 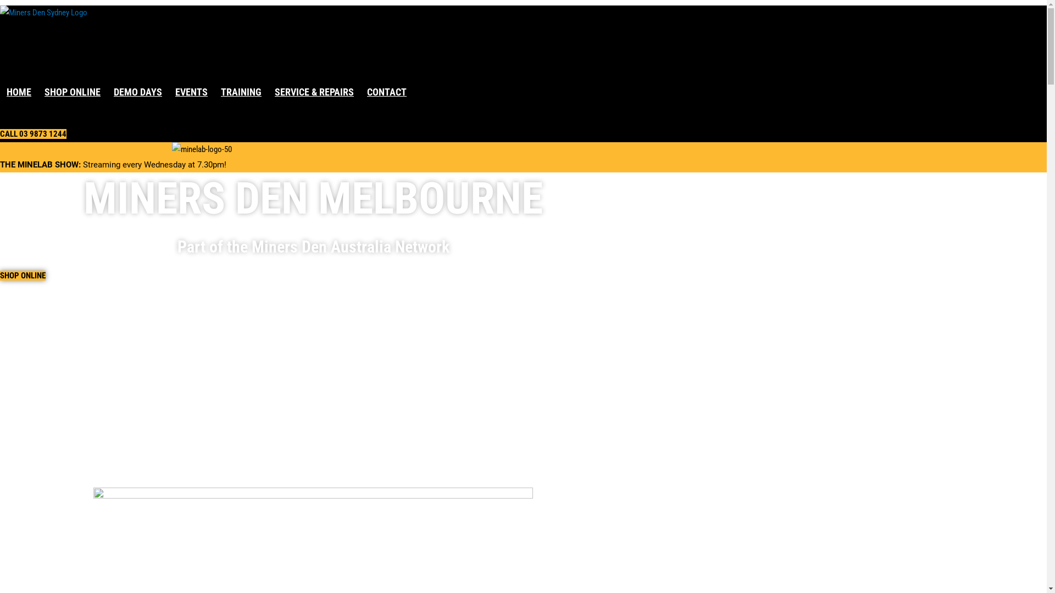 What do you see at coordinates (313, 92) in the screenshot?
I see `'SERVICE & REPAIRS'` at bounding box center [313, 92].